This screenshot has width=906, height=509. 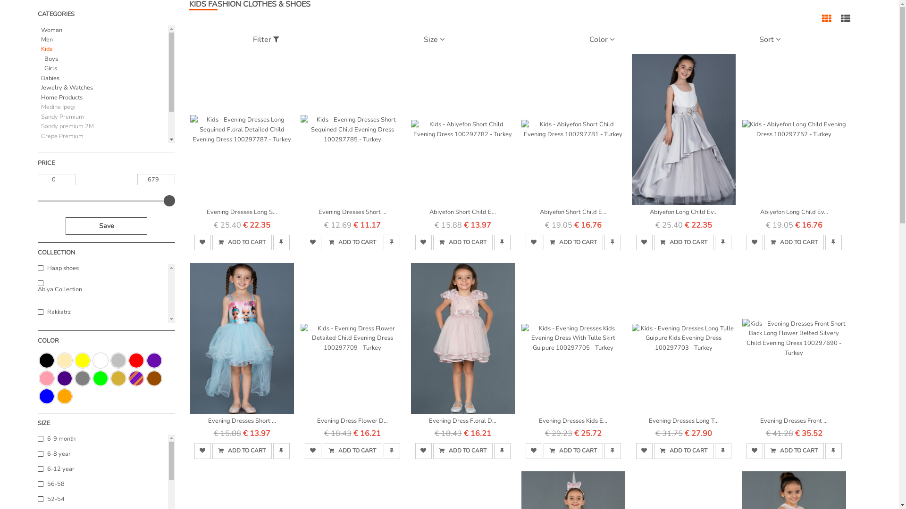 What do you see at coordinates (411, 130) in the screenshot?
I see `'Kids - Abiyefon Short Child Evening Dress 100297782 - Turkey'` at bounding box center [411, 130].